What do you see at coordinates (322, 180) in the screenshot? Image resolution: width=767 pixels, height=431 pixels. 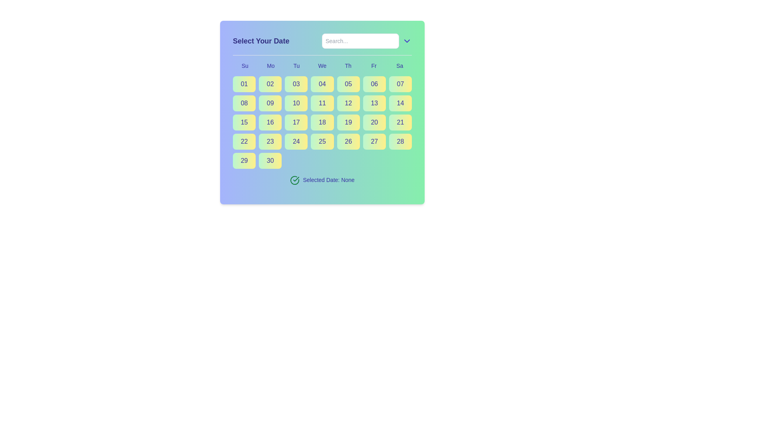 I see `the label that indicates the currently selected date, which currently displays 'None'` at bounding box center [322, 180].